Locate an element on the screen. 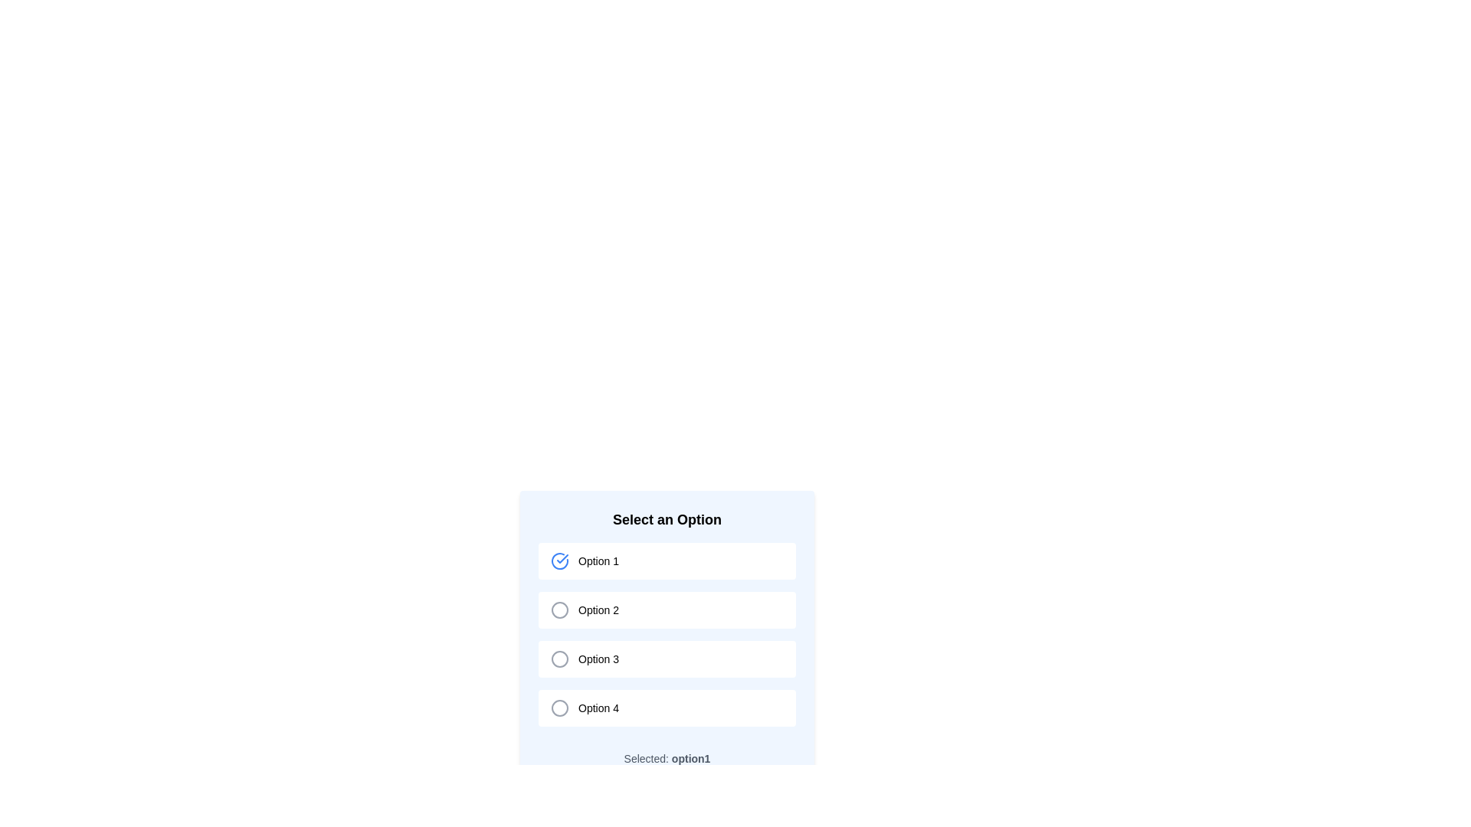 The height and width of the screenshot is (827, 1471). the blue circle with a white checkmark inside, indicating a selected state, located on the far left side of the 'Option 1' list item is located at coordinates (559, 561).